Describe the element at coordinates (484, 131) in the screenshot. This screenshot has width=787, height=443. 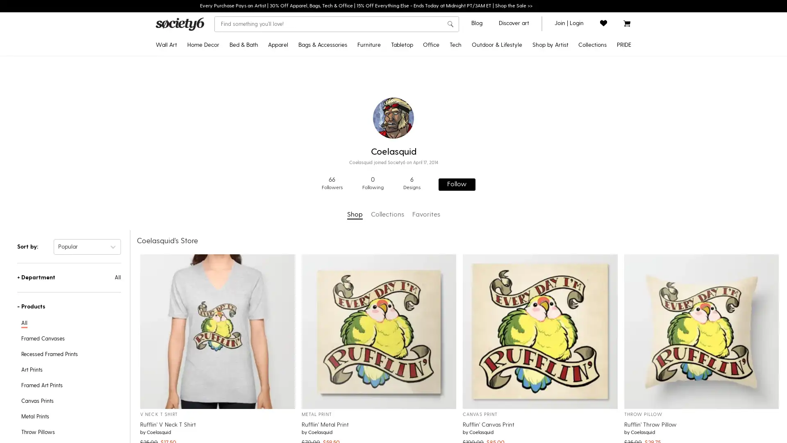
I see `Android Card Cases` at that location.